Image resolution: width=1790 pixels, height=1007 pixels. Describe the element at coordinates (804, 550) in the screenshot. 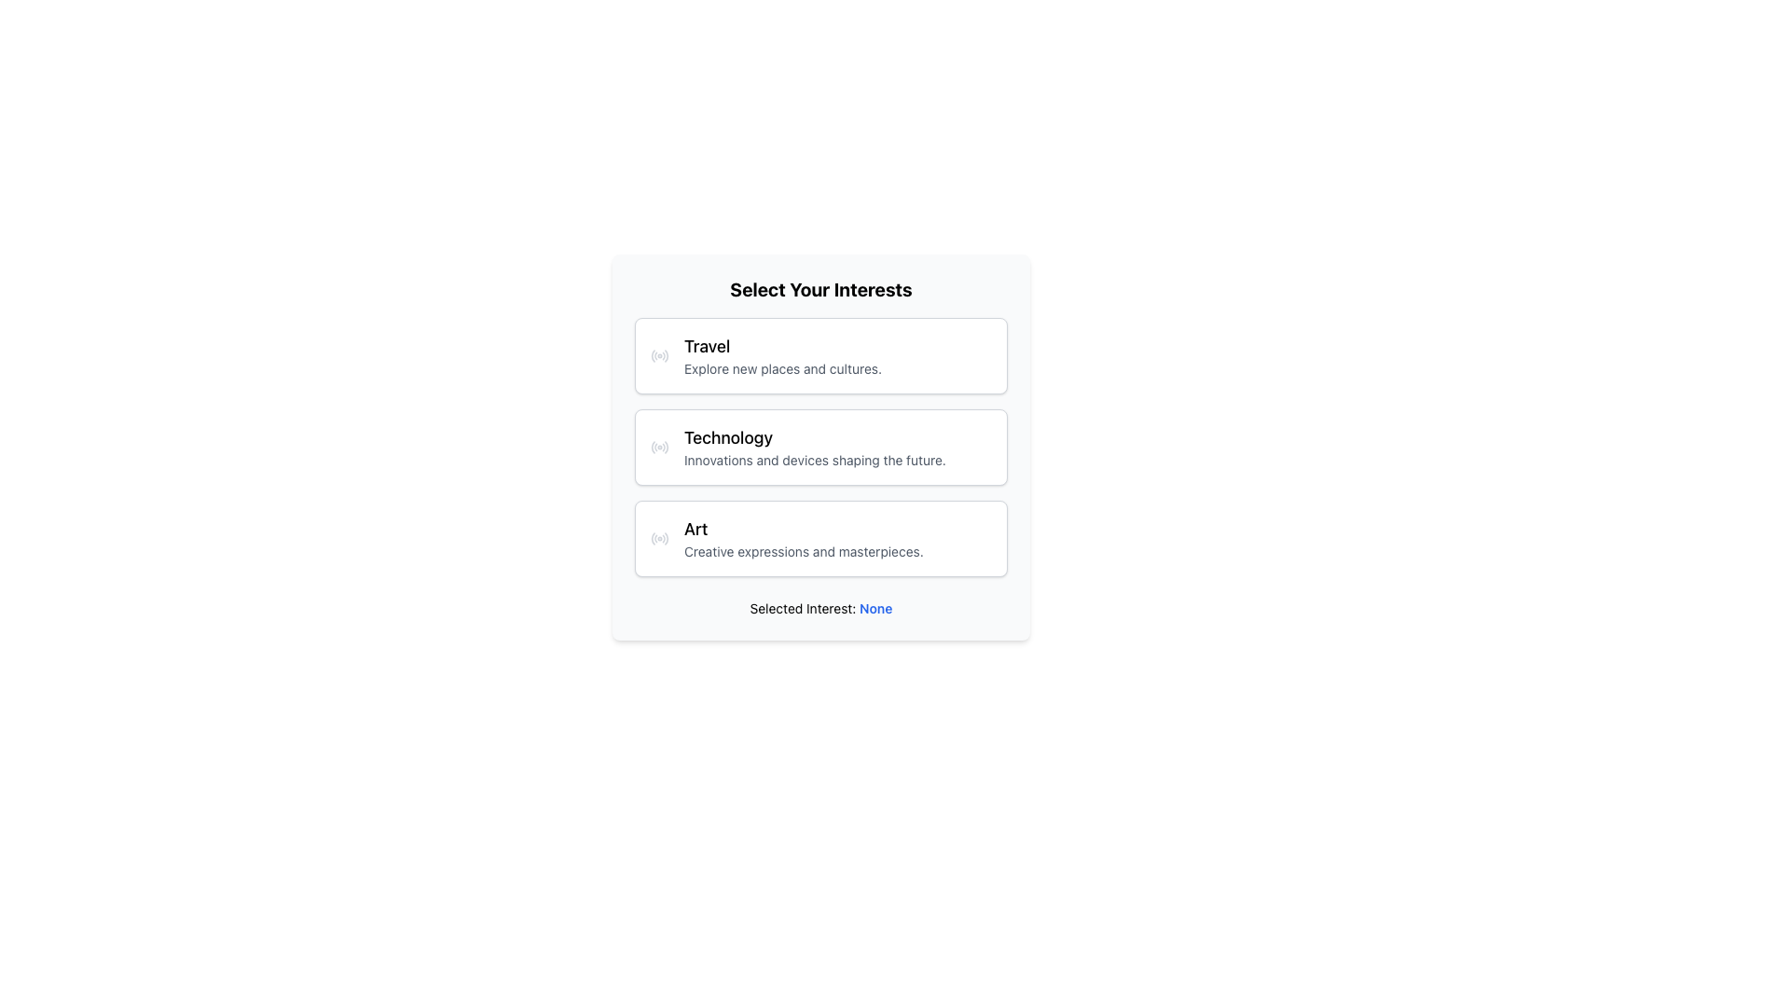

I see `the text label that reads 'Creative expressions and masterpieces.' located below the heading 'Art' in the third selectable option of the 'Select Your Interests' list` at that location.